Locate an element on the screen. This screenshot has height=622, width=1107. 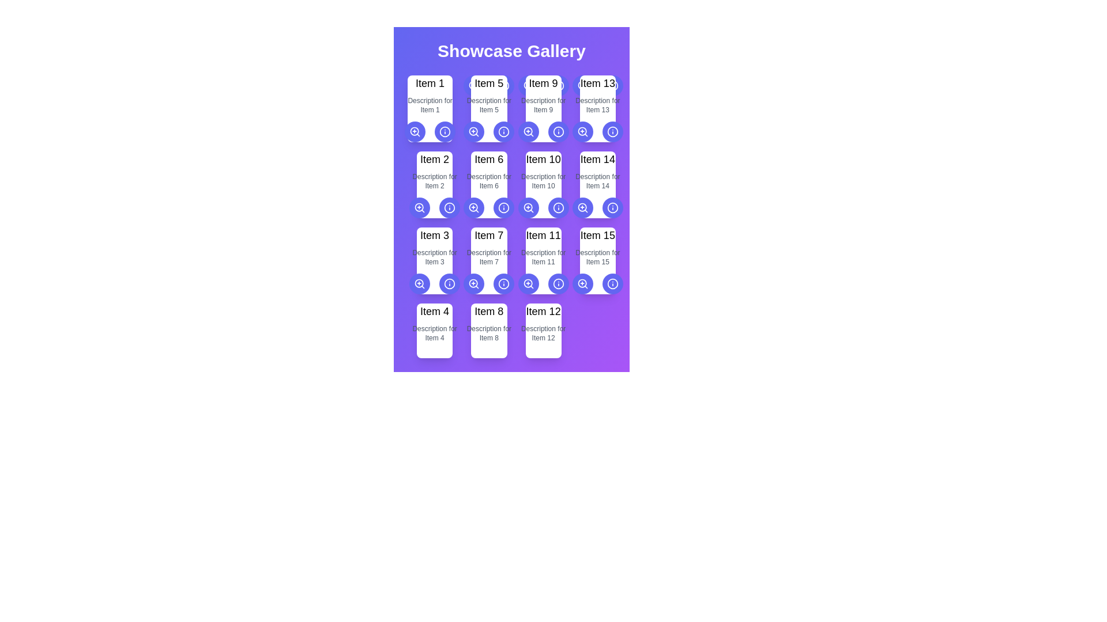
the circular component of the 'info' icon associated with the 'Item 6' card located in the second row of the grid is located at coordinates (504, 208).